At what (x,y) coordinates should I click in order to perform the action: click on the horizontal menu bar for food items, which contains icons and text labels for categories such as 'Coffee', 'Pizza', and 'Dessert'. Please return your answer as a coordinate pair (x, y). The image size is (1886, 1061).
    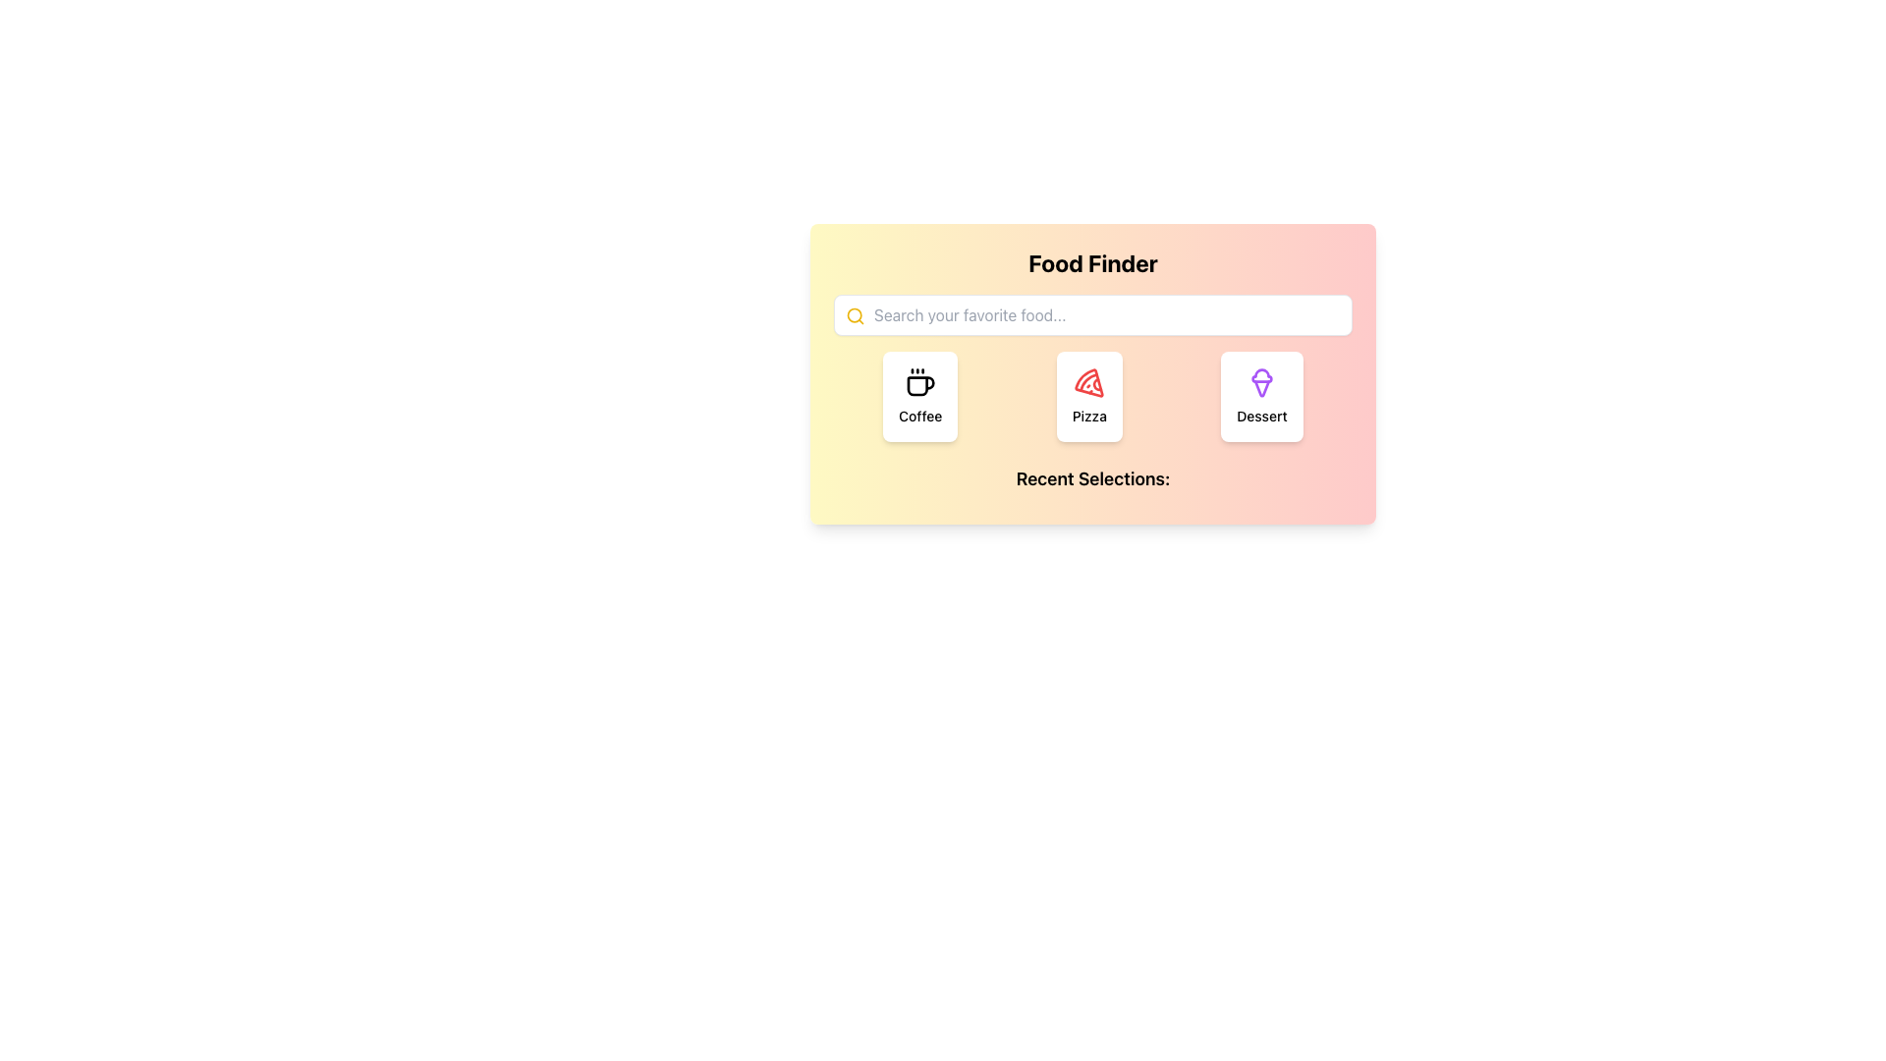
    Looking at the image, I should click on (1092, 397).